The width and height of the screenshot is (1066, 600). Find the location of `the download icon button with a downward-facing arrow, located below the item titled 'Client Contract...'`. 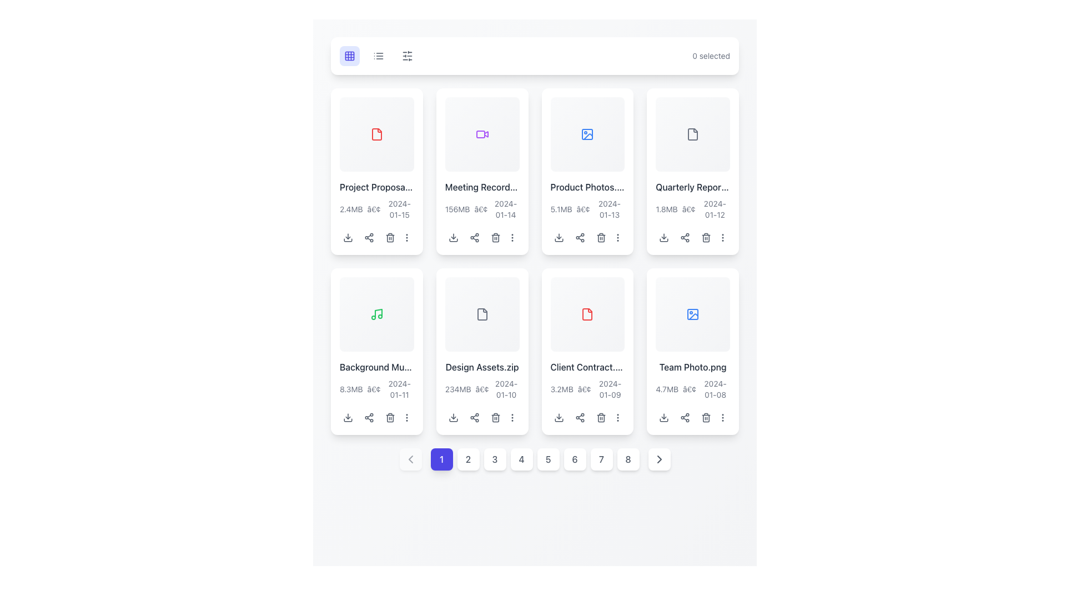

the download icon button with a downward-facing arrow, located below the item titled 'Client Contract...' is located at coordinates (559, 417).